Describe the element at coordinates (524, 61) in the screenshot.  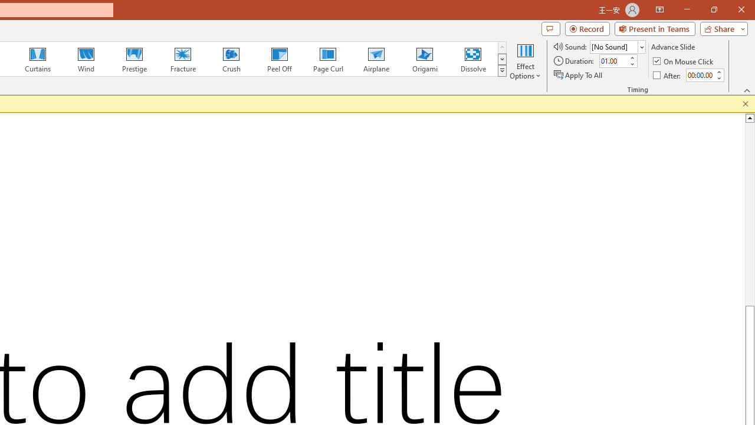
I see `'Effect Options'` at that location.